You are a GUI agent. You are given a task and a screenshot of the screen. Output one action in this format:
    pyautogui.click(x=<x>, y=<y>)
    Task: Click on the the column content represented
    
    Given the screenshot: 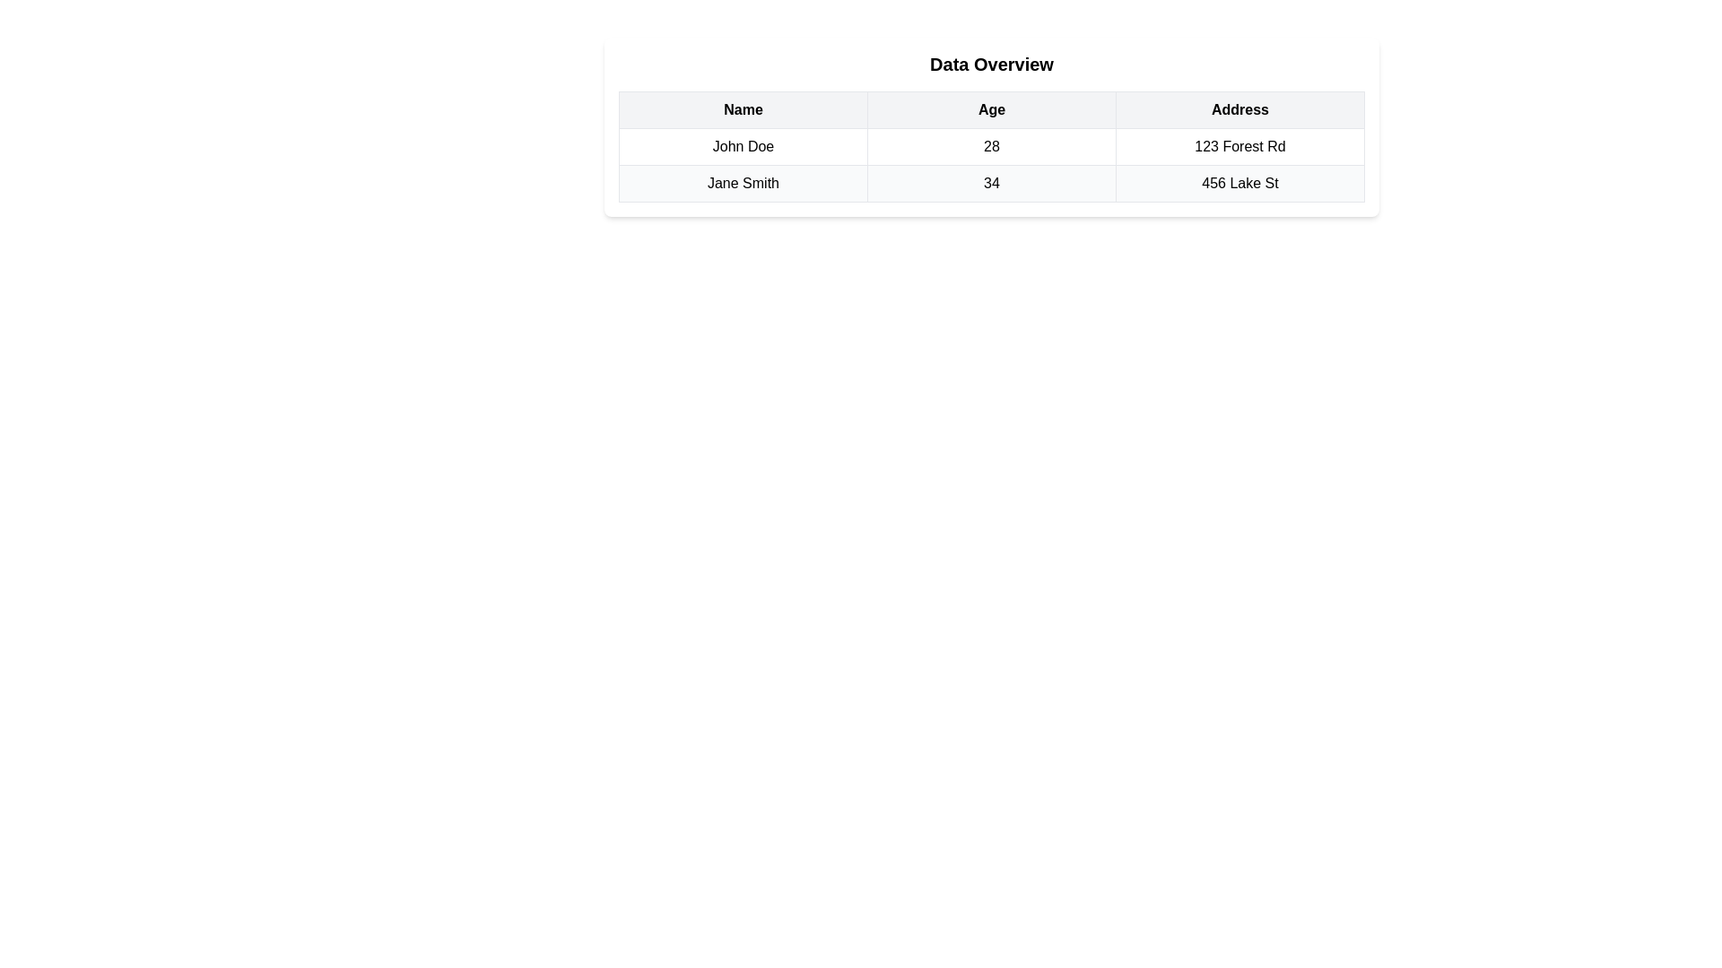 What is the action you would take?
    pyautogui.click(x=990, y=126)
    